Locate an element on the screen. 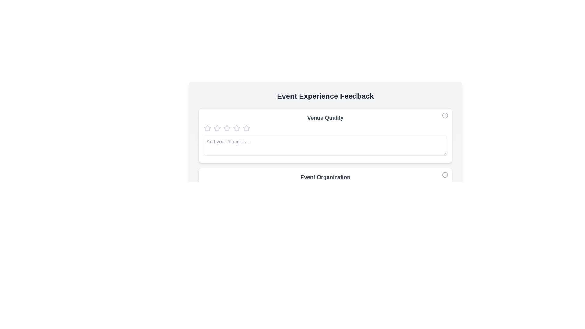 This screenshot has height=329, width=585. the fifth rating star icon, which is part of a sequence of five stars under the 'Venue Quality' section is located at coordinates (246, 128).